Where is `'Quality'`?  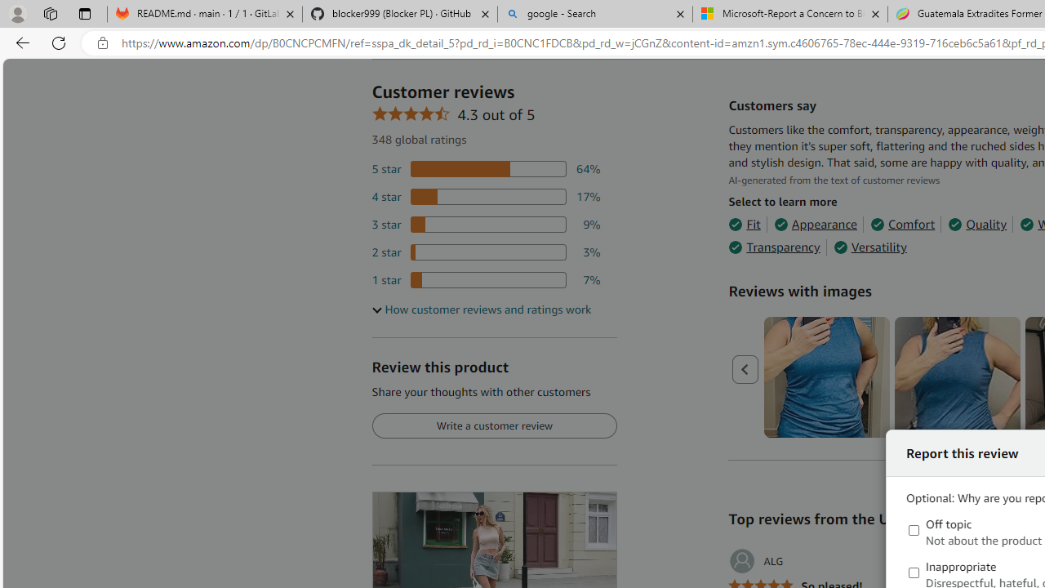 'Quality' is located at coordinates (977, 225).